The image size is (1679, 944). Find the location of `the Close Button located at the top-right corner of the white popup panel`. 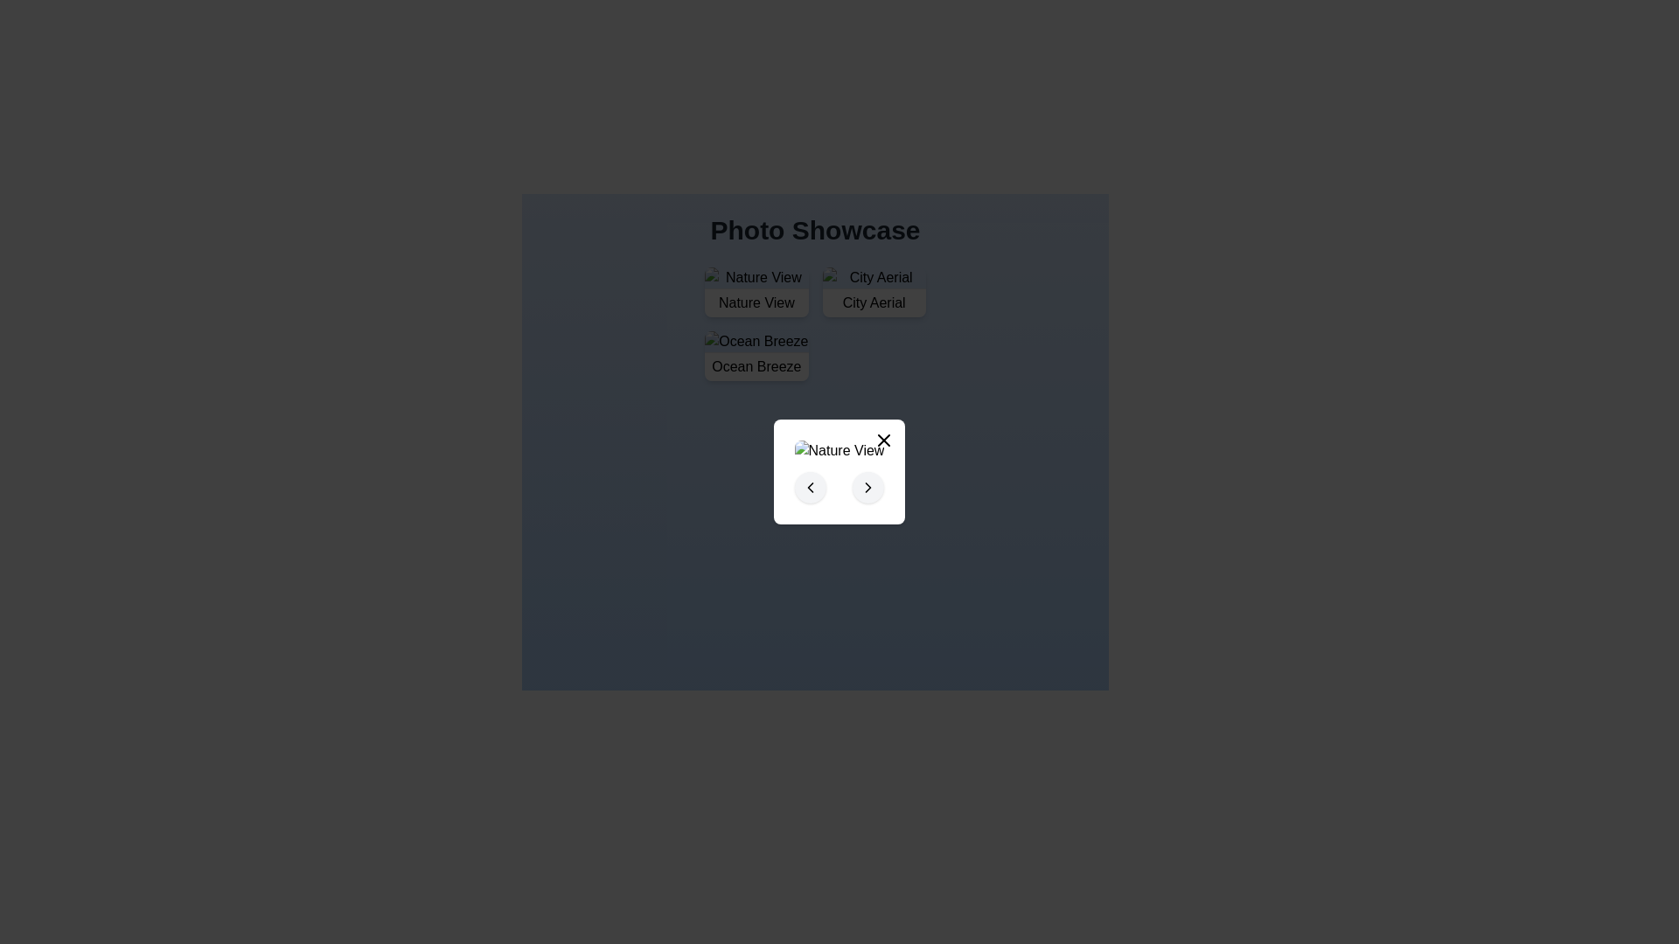

the Close Button located at the top-right corner of the white popup panel is located at coordinates (884, 440).